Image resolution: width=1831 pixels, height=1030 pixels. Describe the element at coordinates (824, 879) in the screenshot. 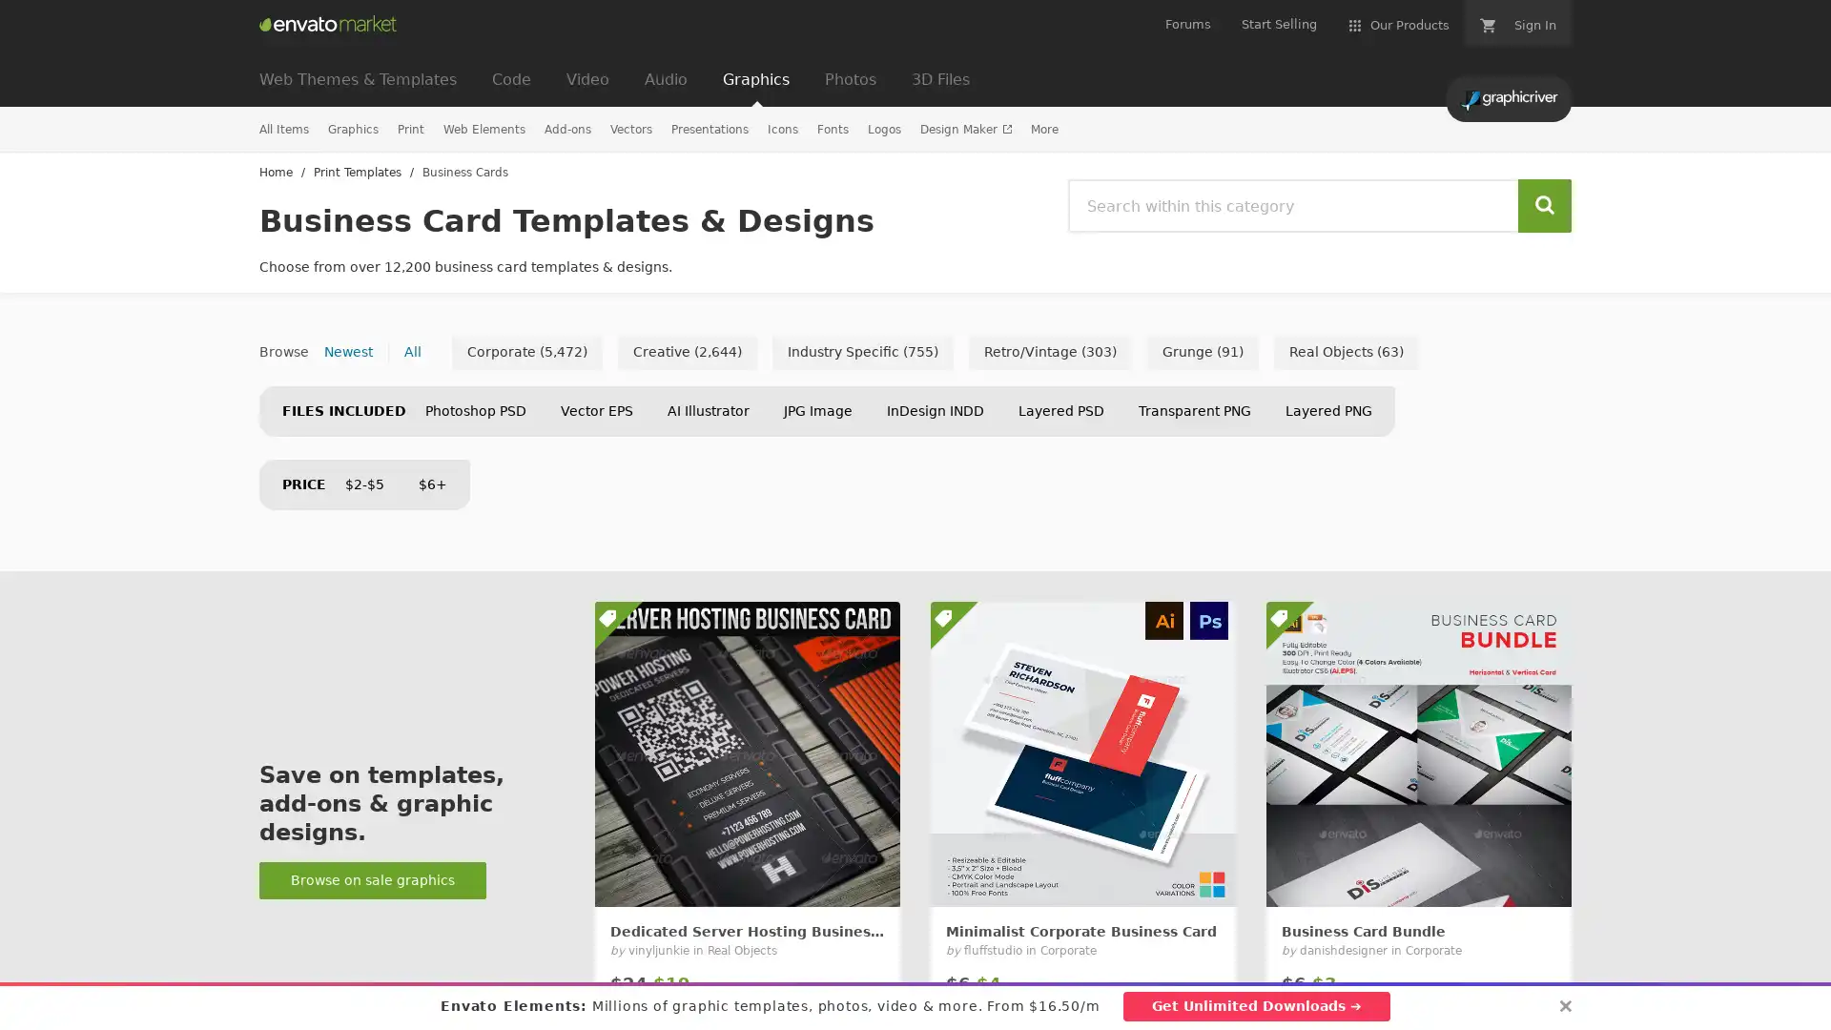

I see `Add to collection` at that location.